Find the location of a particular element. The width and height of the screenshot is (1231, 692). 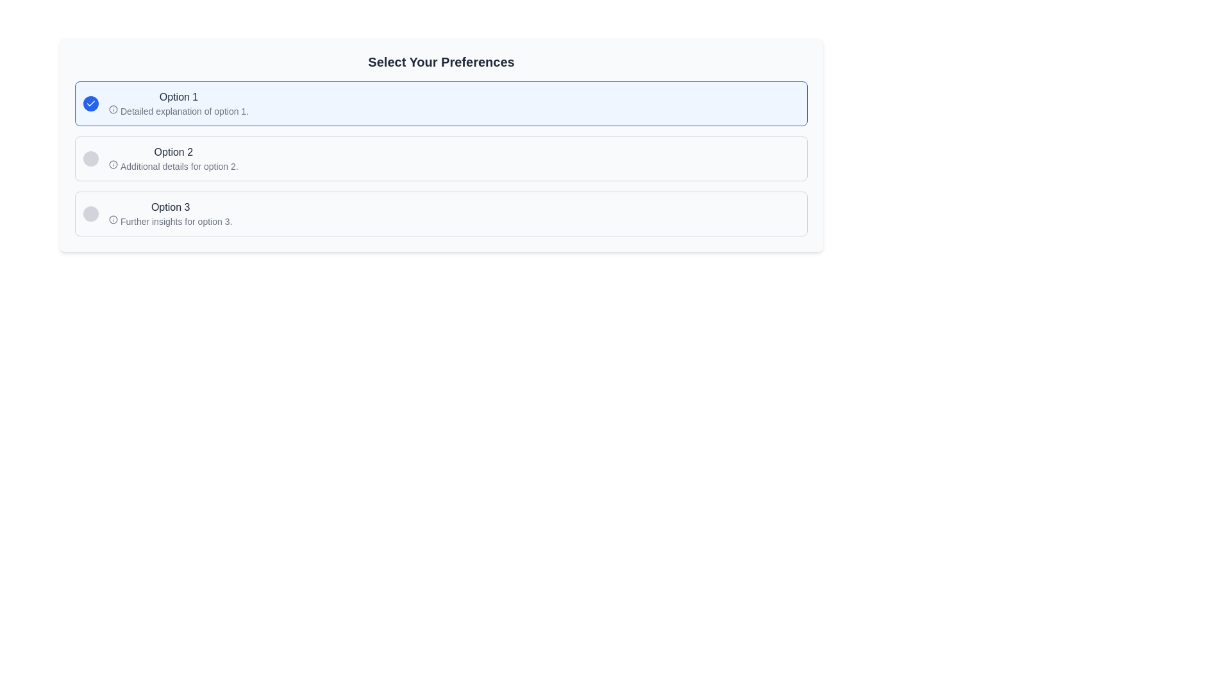

the Information Icon located to the left of the descriptive text for Option 2 in the 'Select Your Preferences' section is located at coordinates (113, 164).